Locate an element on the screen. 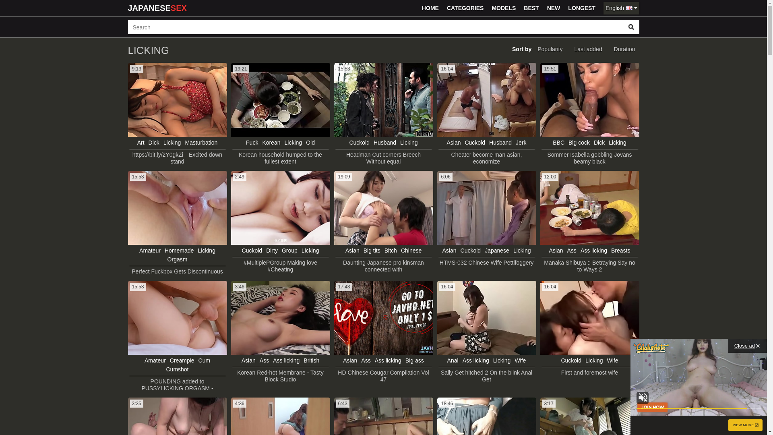 The height and width of the screenshot is (435, 773). '#MultiplePGroup Making love #Cheating' is located at coordinates (232, 266).